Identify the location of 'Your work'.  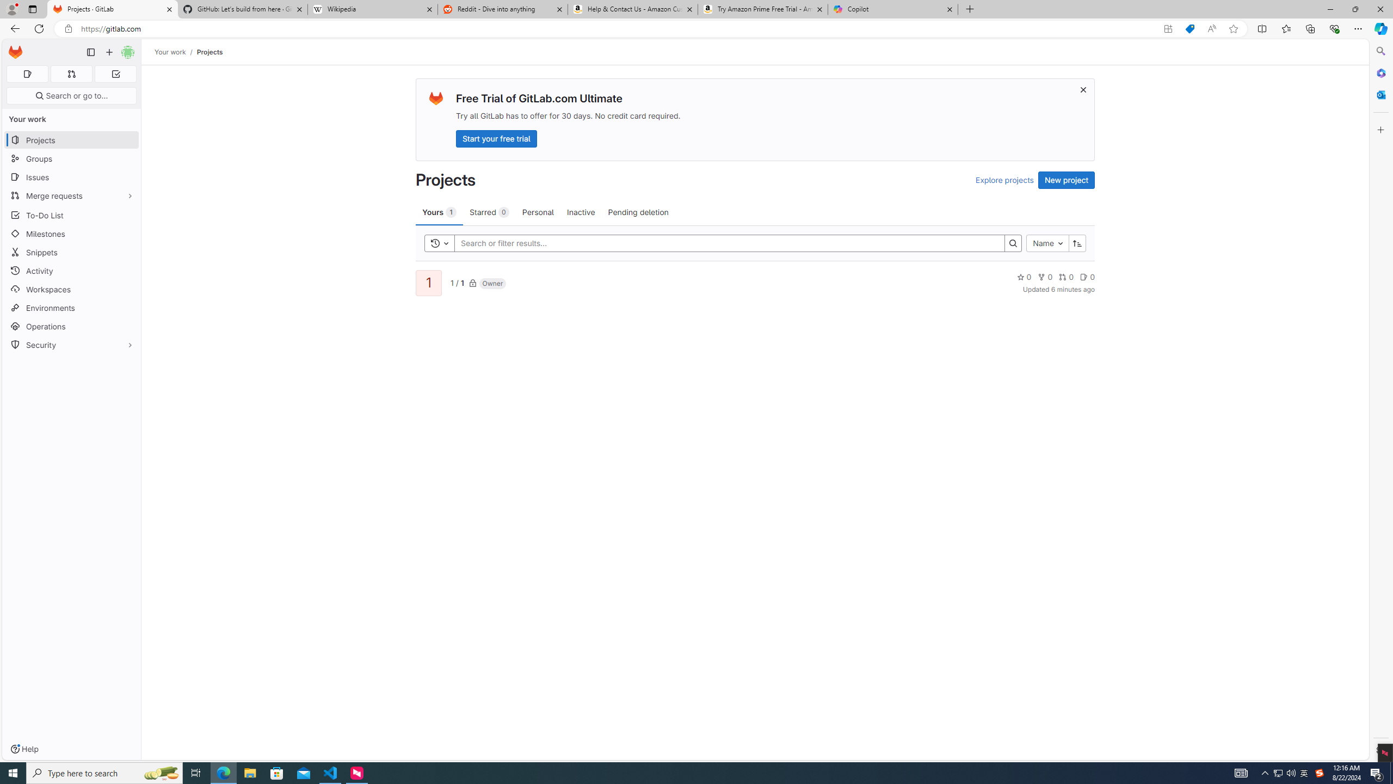
(170, 52).